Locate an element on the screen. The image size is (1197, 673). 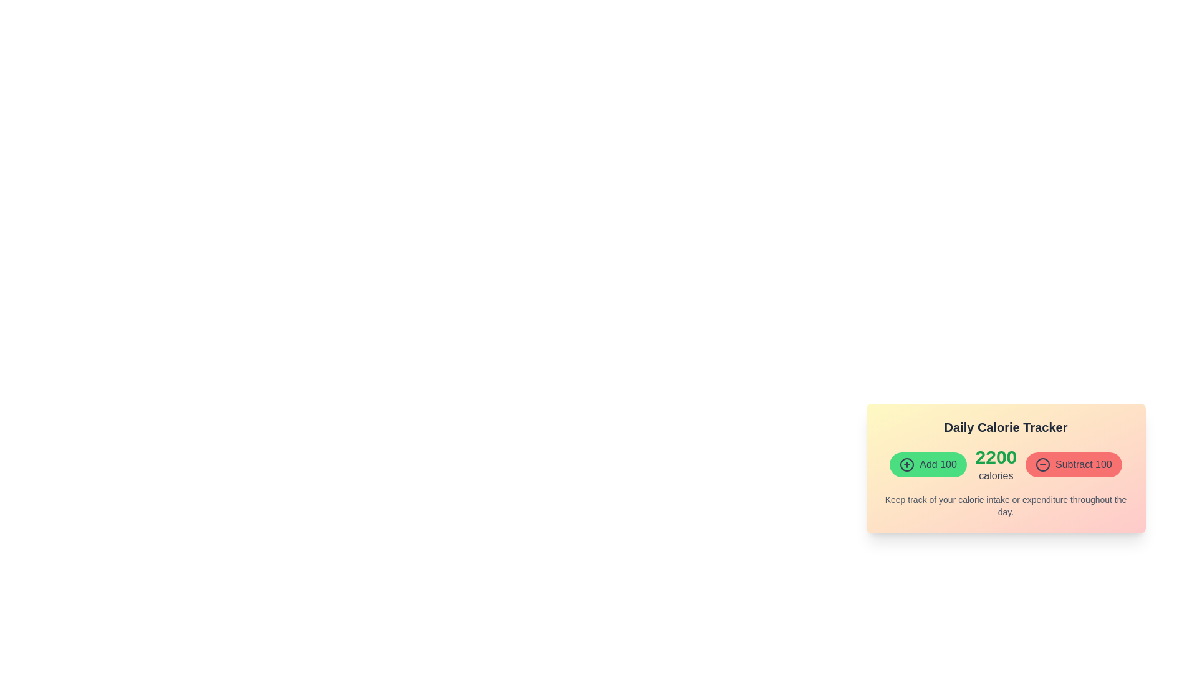
text content of the 'calories' label, which is a medium-sized dark text positioned below the bold green numerical value '2200' in the 'Daily Calorie Tracker' section is located at coordinates (996, 475).